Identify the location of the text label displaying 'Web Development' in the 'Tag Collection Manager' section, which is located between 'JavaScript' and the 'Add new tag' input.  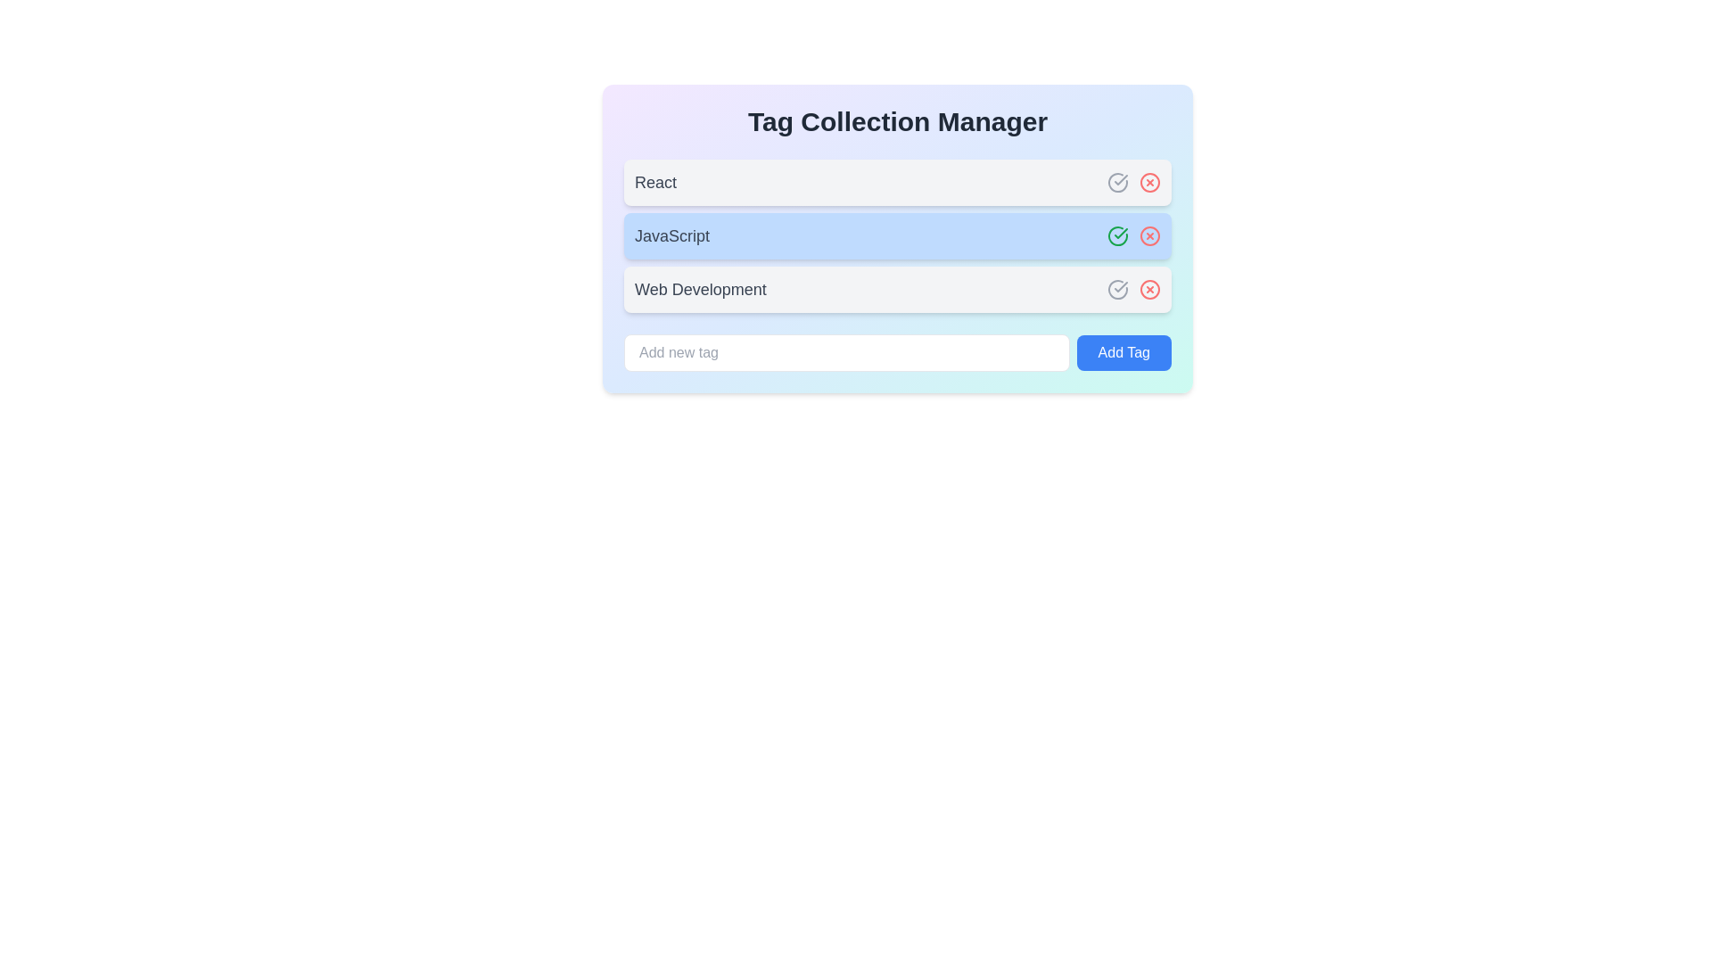
(699, 288).